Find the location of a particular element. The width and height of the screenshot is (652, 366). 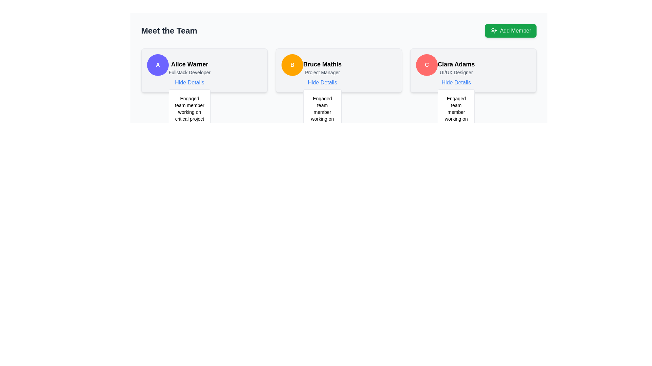

the clickable text labeled 'Hide Details' within the card containing the name 'Alice Warner' and job title 'Fullstack Developer' is located at coordinates (189, 73).